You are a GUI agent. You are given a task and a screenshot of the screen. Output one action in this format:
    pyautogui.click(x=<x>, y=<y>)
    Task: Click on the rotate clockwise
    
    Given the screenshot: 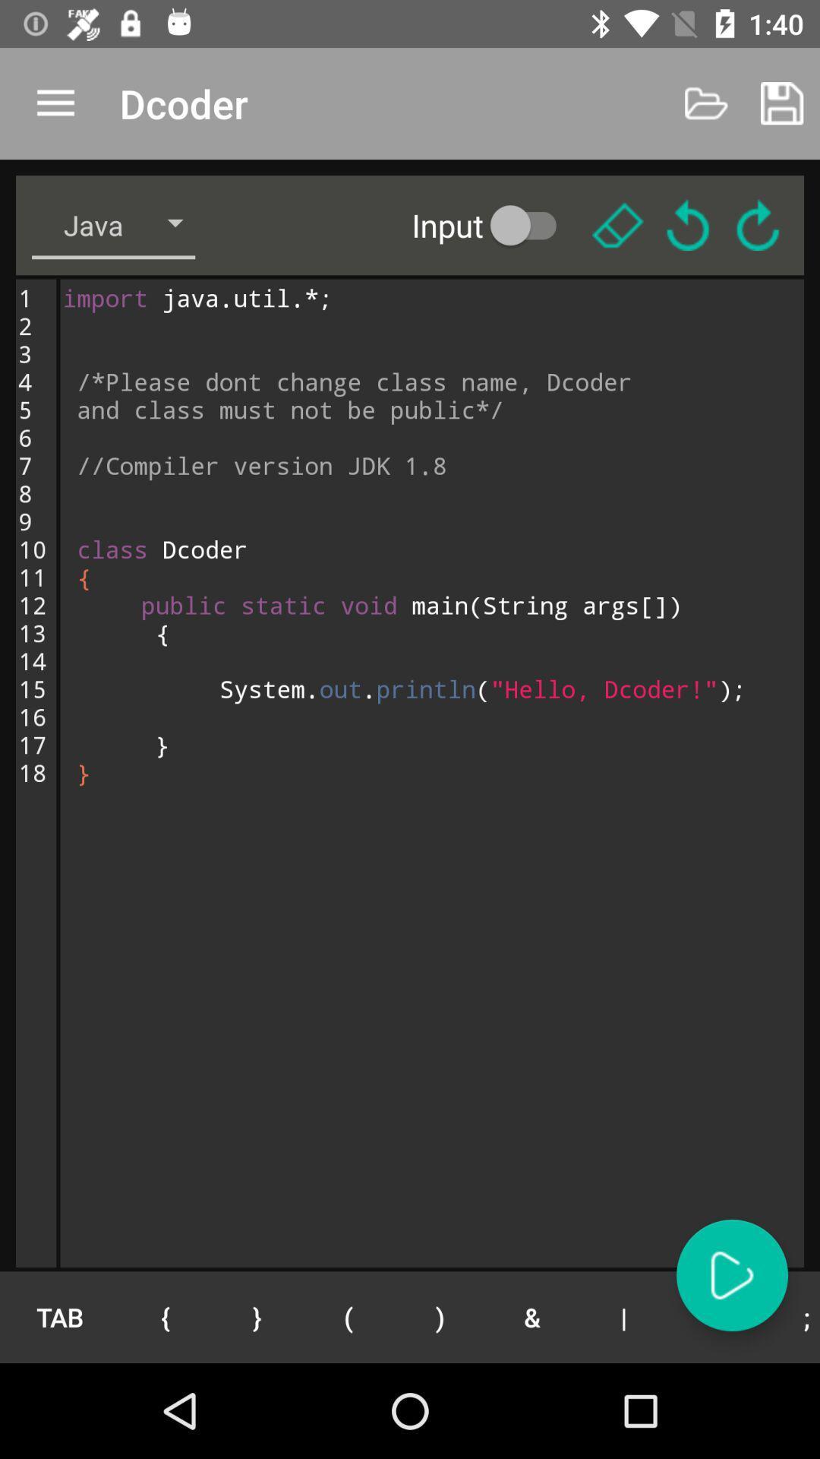 What is the action you would take?
    pyautogui.click(x=758, y=224)
    